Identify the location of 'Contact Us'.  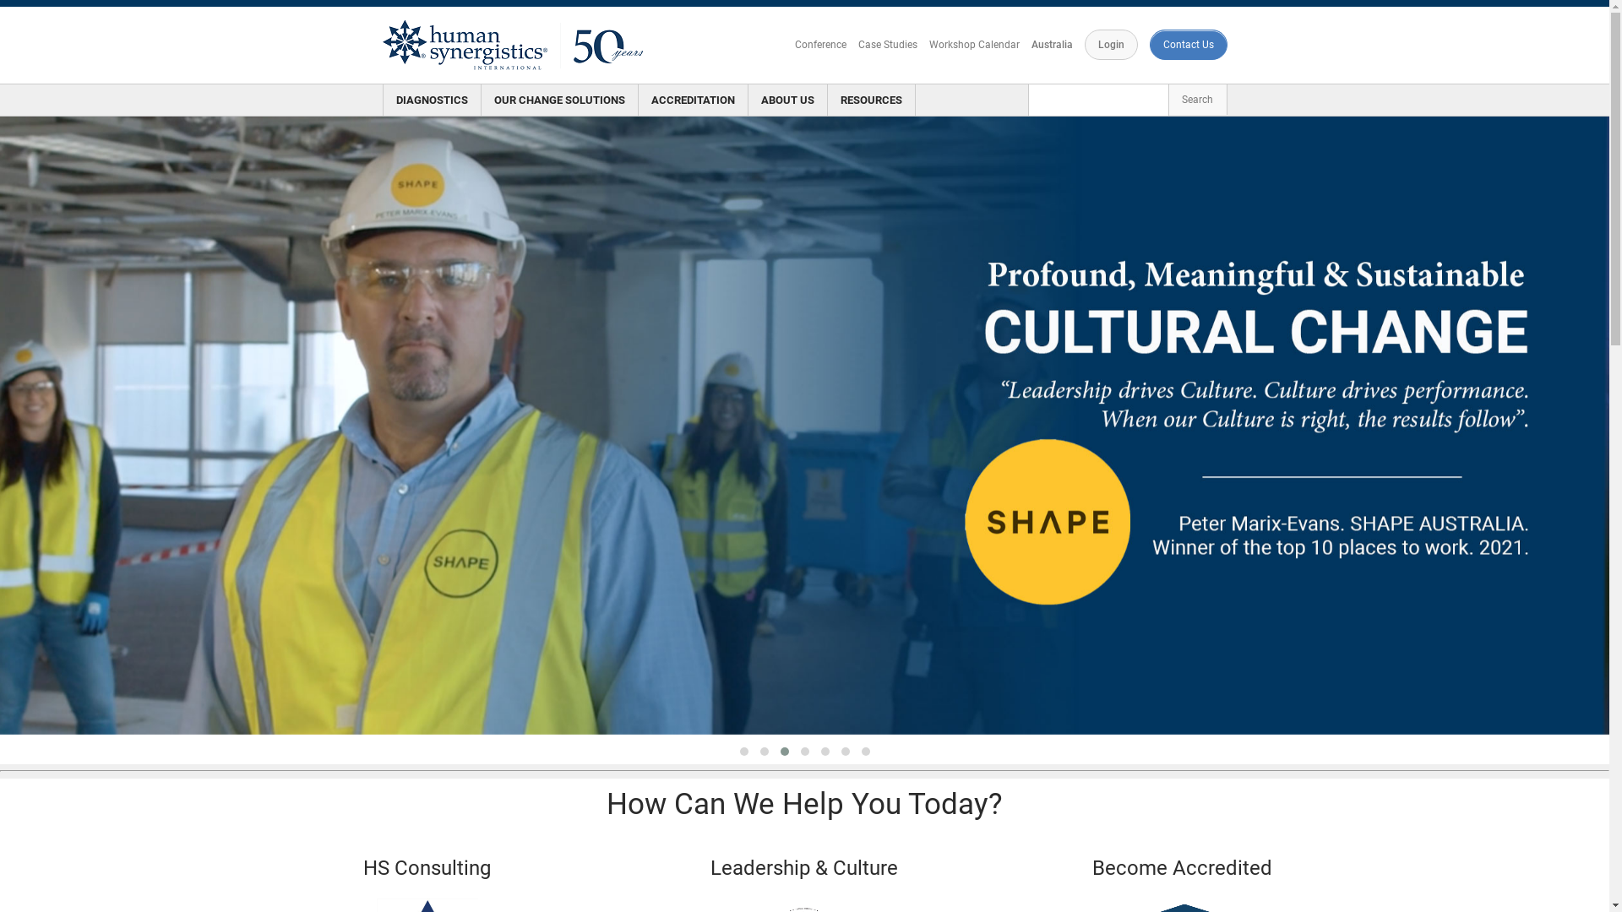
(1187, 44).